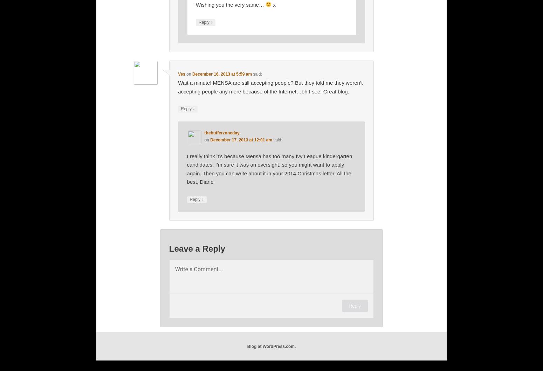  Describe the element at coordinates (241, 139) in the screenshot. I see `'December 17, 2013 at 12:01 am'` at that location.